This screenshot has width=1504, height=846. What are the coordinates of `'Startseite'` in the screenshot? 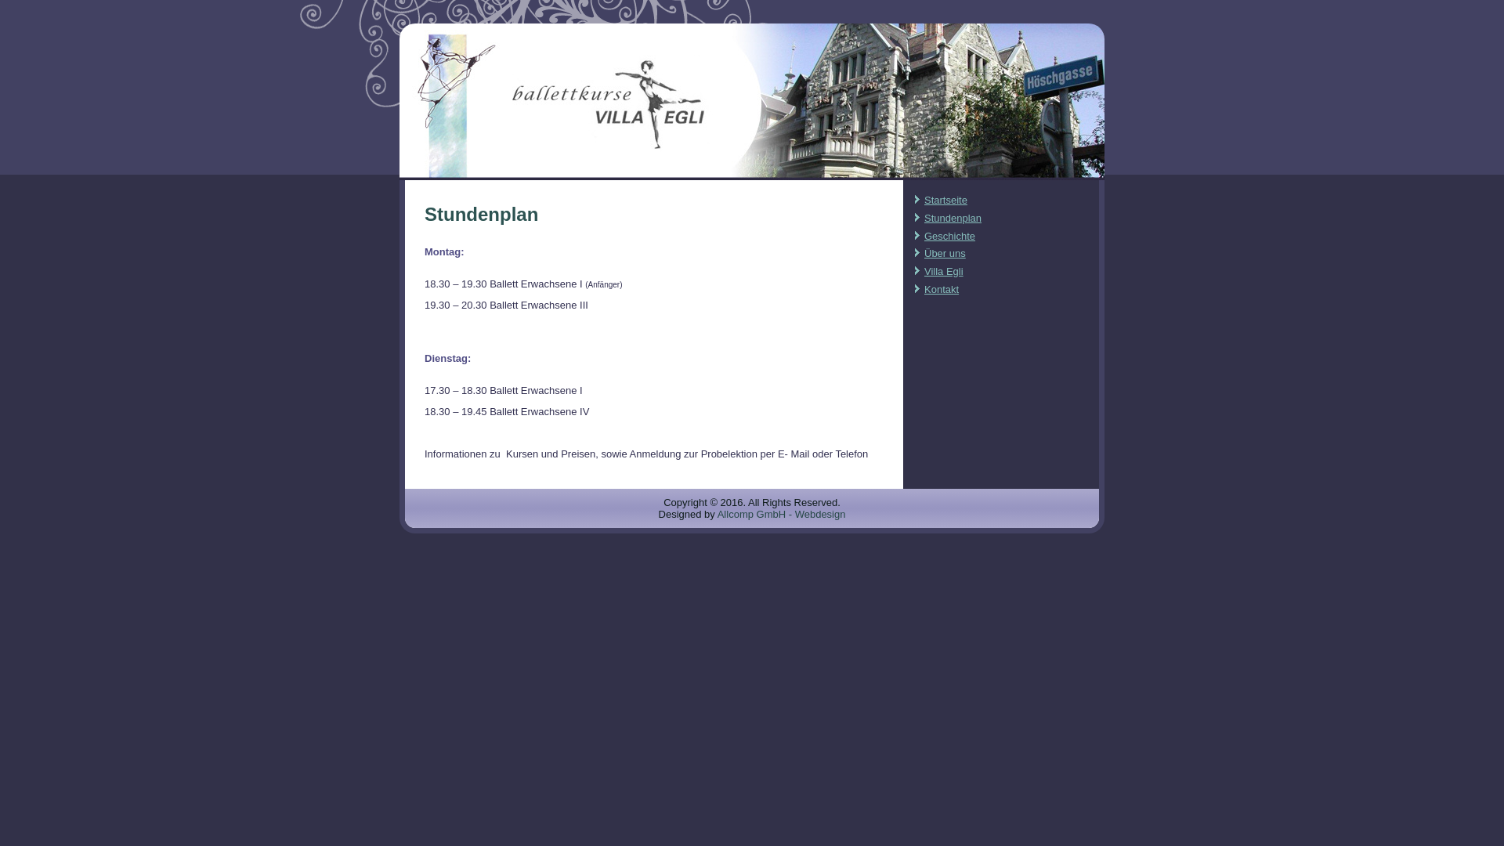 It's located at (945, 199).